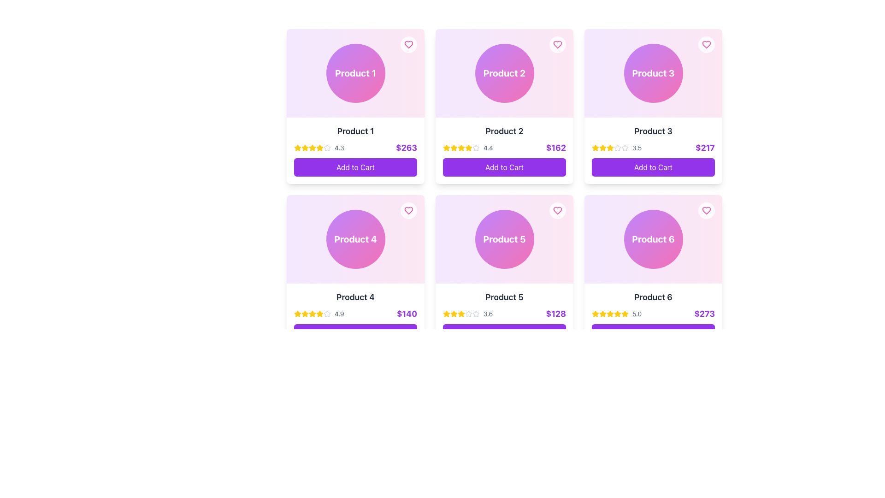 This screenshot has width=885, height=498. What do you see at coordinates (327, 313) in the screenshot?
I see `the star icon decorative element located in the 'Product 4' card, which is part of the rating display preceding the numeric value '4.9'` at bounding box center [327, 313].